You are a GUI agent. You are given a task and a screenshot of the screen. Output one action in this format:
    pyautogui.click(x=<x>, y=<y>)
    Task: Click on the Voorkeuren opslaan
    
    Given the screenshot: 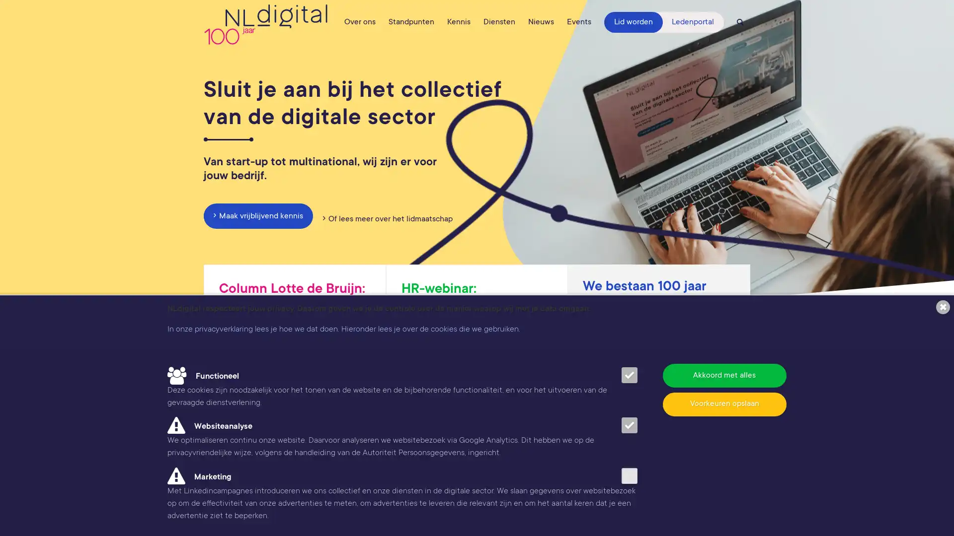 What is the action you would take?
    pyautogui.click(x=724, y=403)
    